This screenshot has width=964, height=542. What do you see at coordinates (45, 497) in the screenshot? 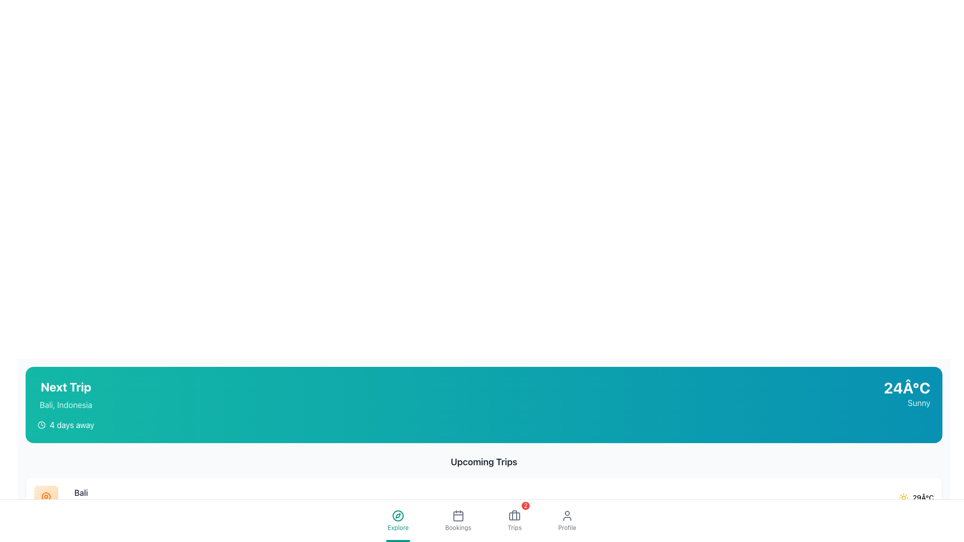
I see `the decorative orange pin icon located at the top-left corner of the main list of trips, representing 'Bali'` at bounding box center [45, 497].